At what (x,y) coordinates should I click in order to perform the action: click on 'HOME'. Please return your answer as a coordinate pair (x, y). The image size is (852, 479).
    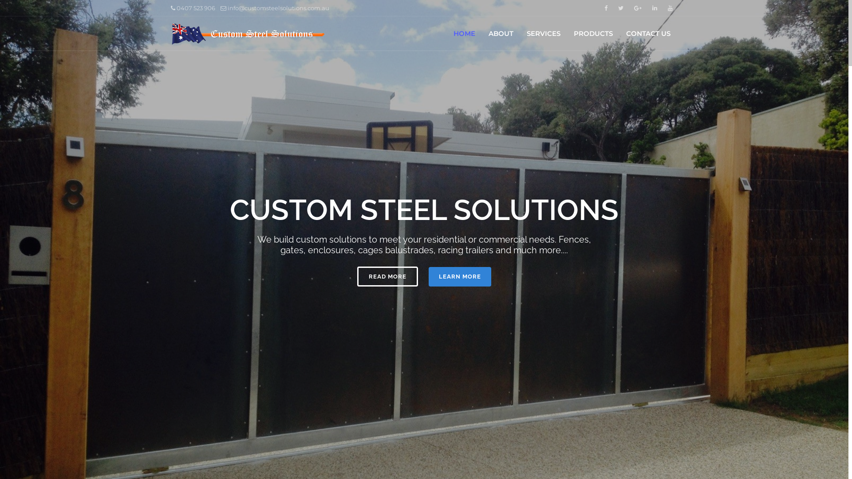
    Looking at the image, I should click on (464, 33).